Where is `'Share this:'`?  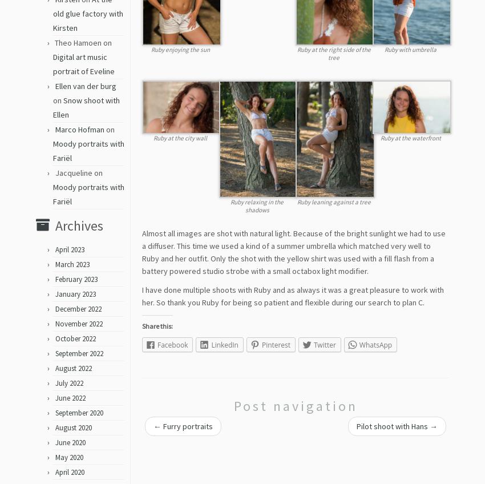
'Share this:' is located at coordinates (156, 329).